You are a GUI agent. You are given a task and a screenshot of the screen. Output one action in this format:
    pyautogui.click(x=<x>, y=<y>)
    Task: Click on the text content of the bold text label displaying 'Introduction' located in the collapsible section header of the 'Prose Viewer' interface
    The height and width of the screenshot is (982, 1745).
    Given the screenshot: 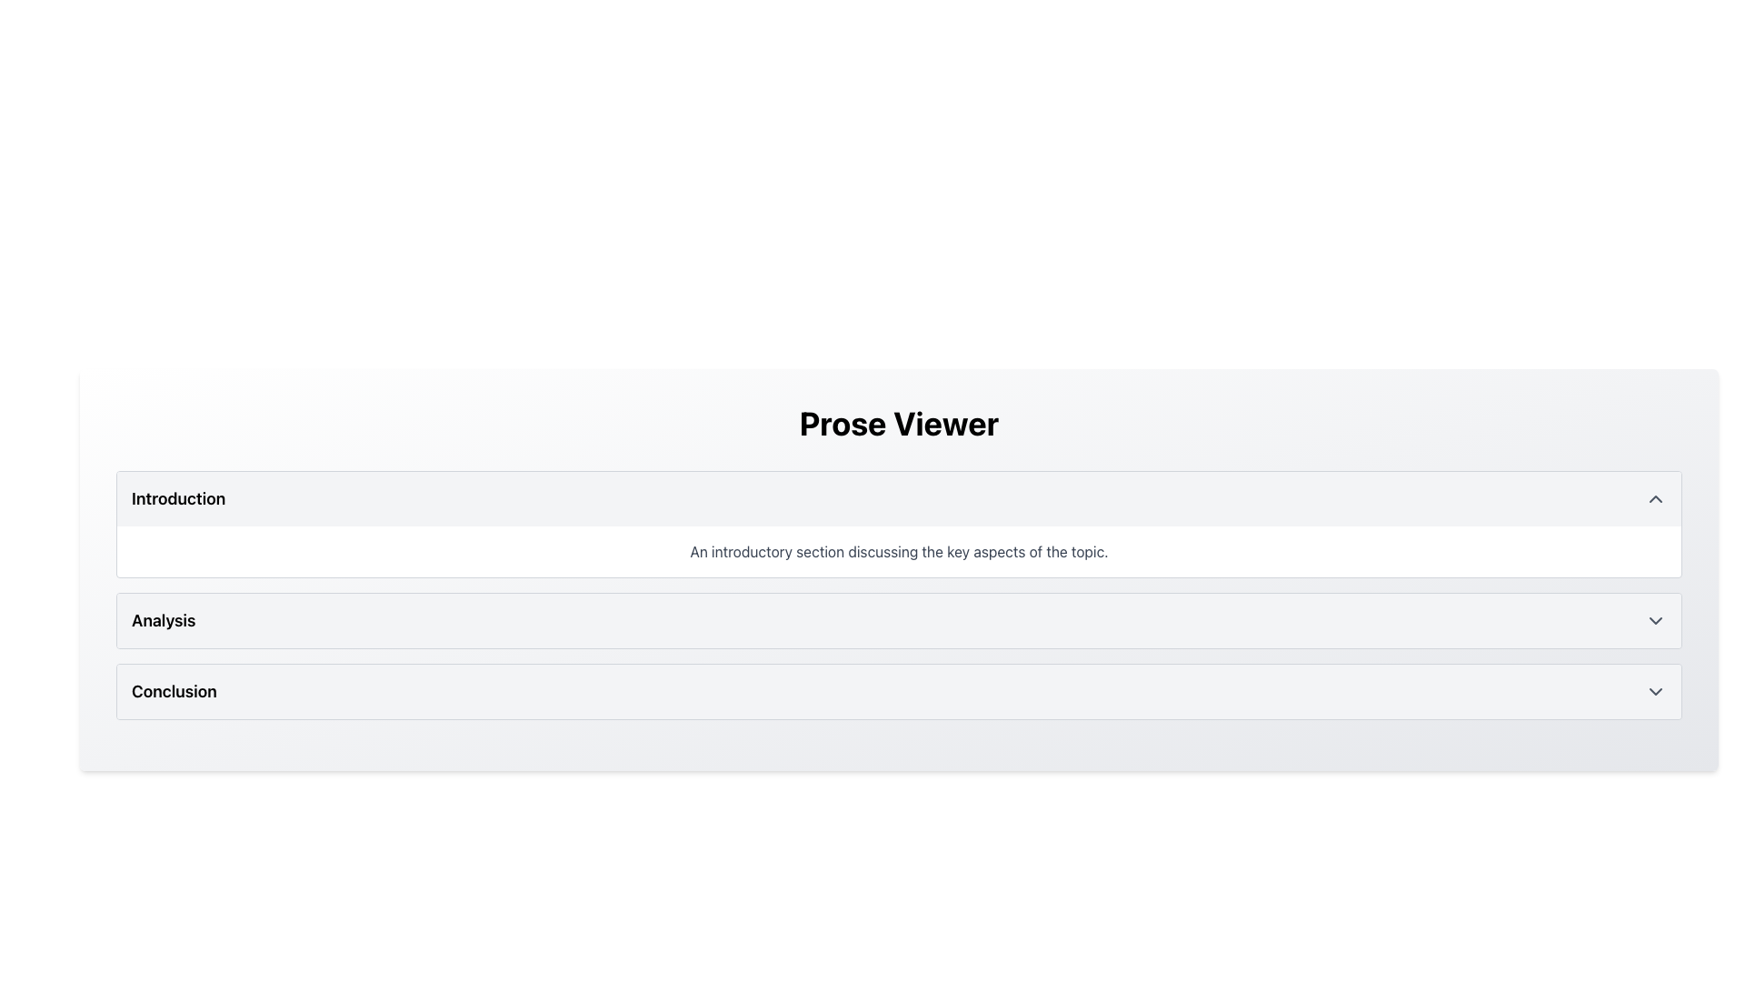 What is the action you would take?
    pyautogui.click(x=178, y=498)
    